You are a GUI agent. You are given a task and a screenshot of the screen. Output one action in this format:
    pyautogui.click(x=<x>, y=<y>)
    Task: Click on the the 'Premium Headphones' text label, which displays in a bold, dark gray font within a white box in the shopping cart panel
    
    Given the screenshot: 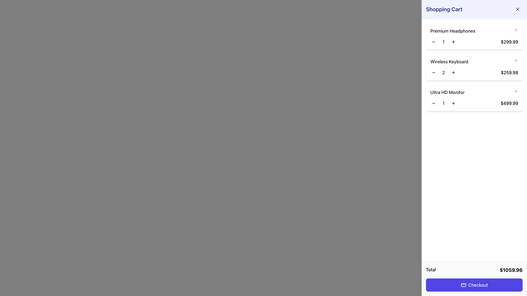 What is the action you would take?
    pyautogui.click(x=474, y=31)
    